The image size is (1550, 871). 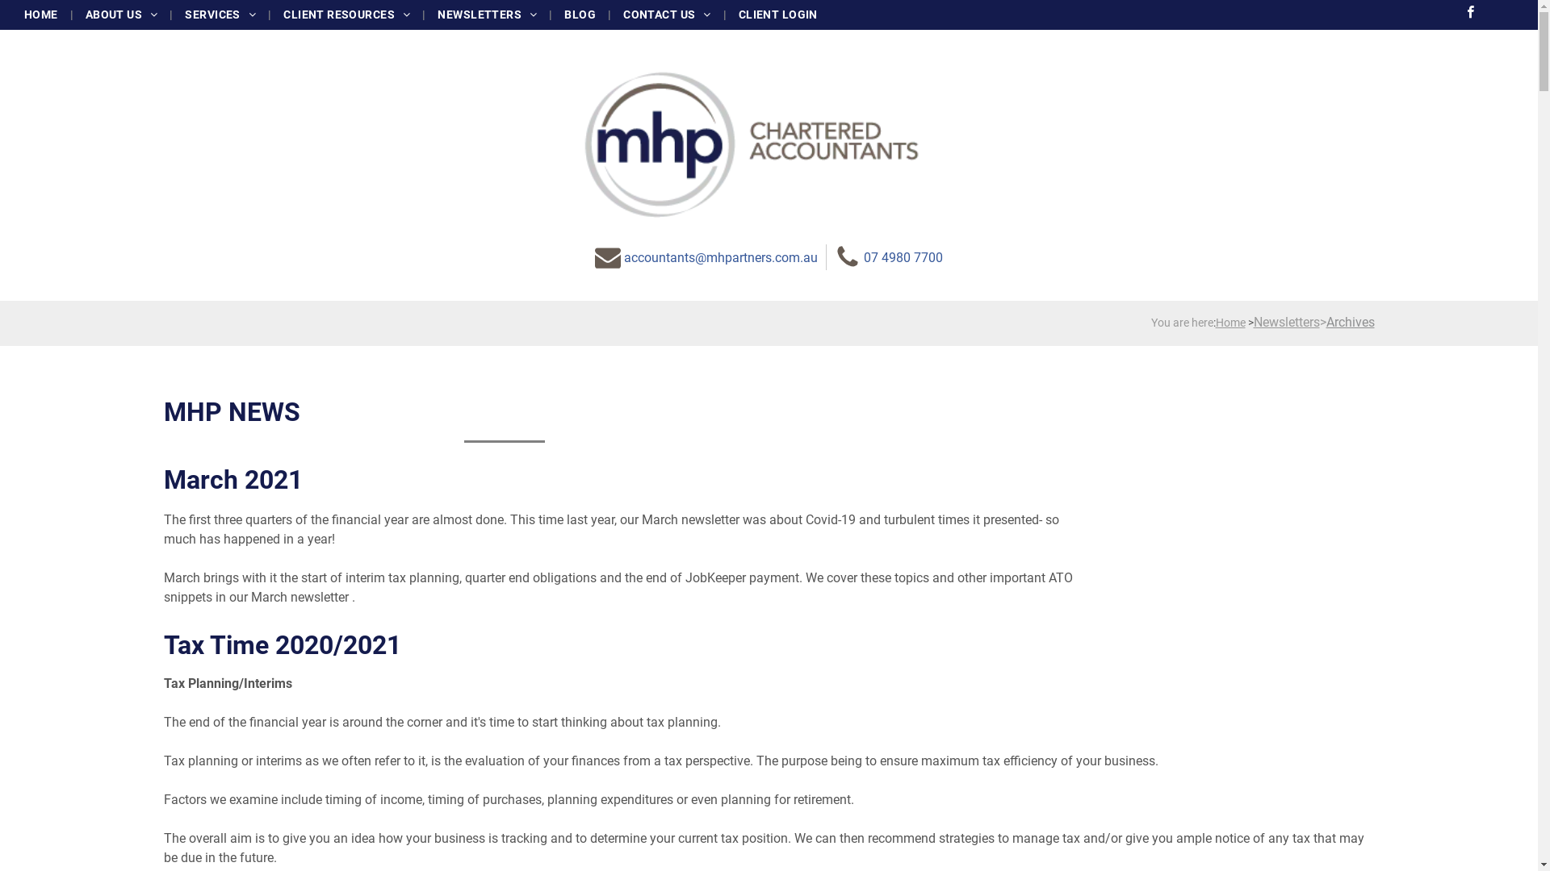 I want to click on 'Newsletters', so click(x=1285, y=322).